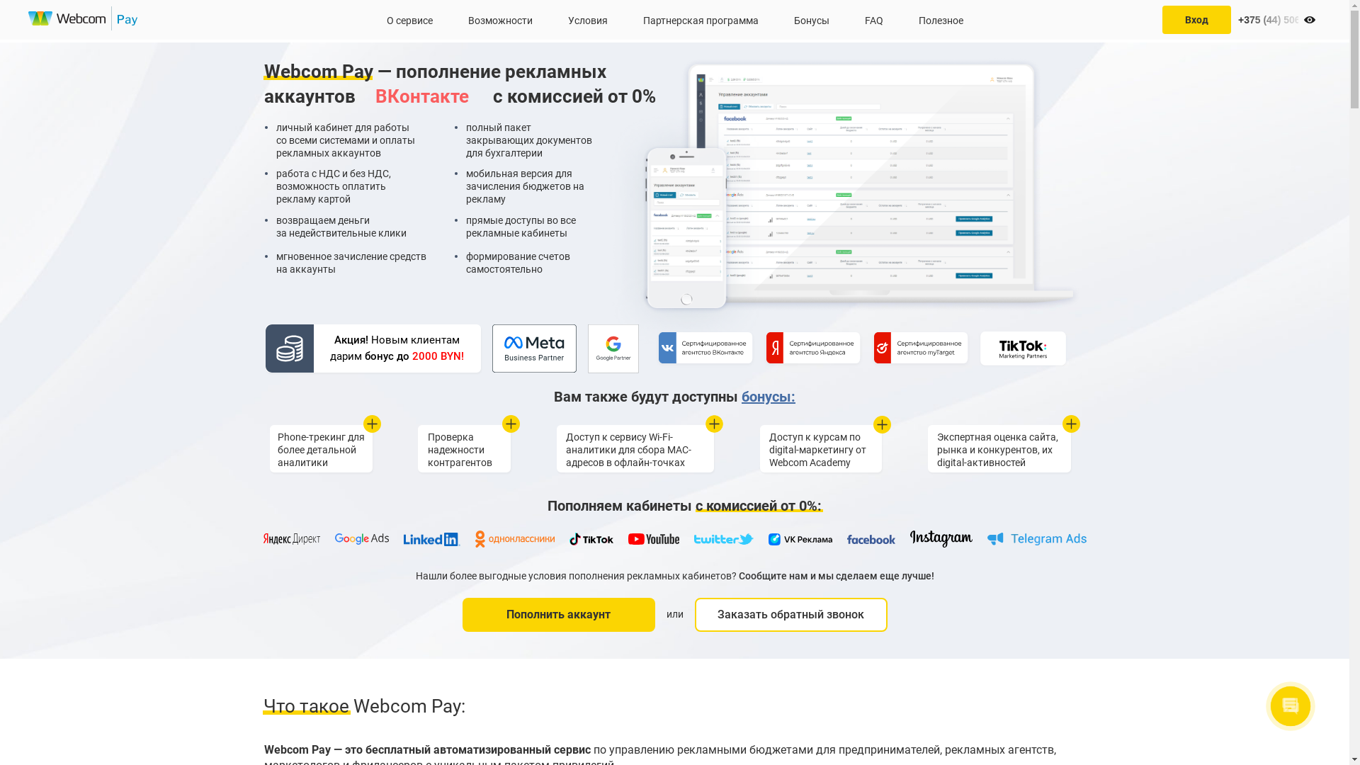 Image resolution: width=1360 pixels, height=765 pixels. What do you see at coordinates (873, 19) in the screenshot?
I see `'FAQ'` at bounding box center [873, 19].